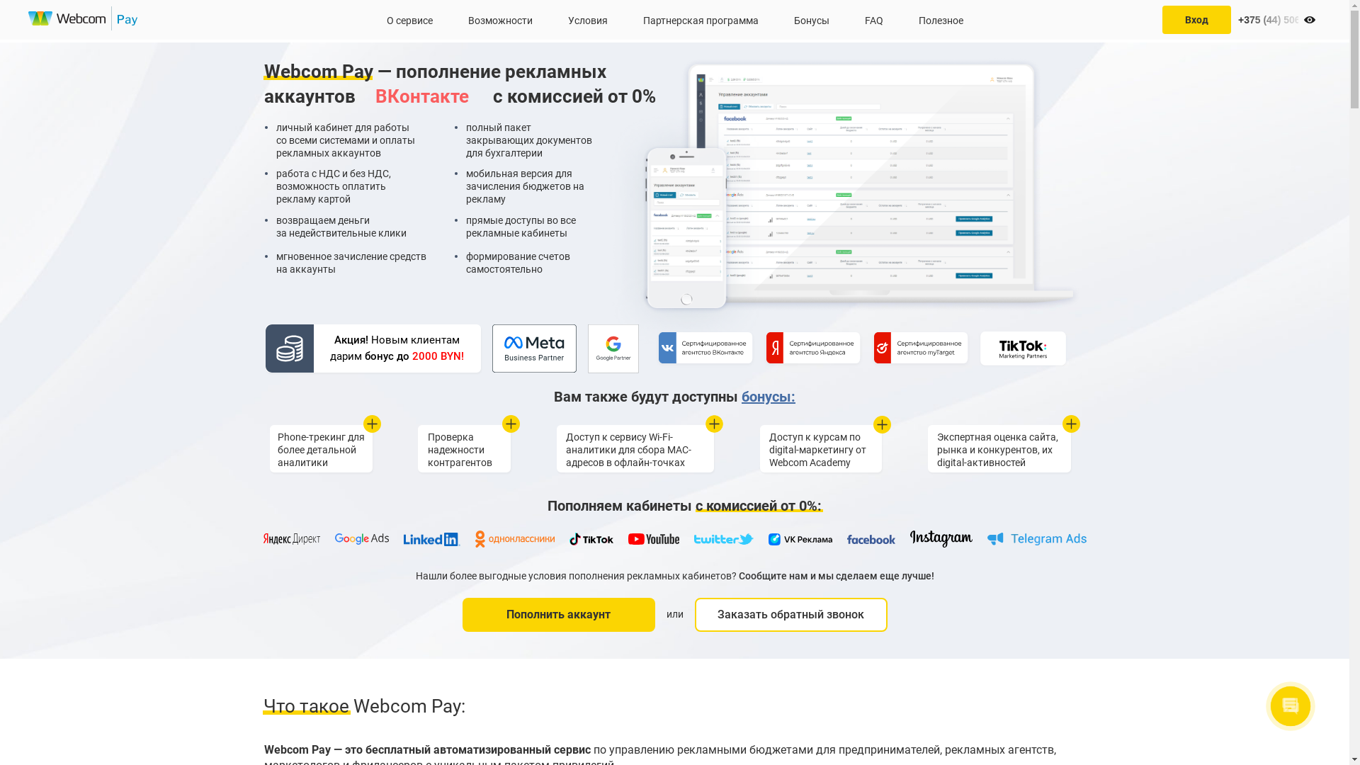 Image resolution: width=1360 pixels, height=765 pixels. What do you see at coordinates (873, 19) in the screenshot?
I see `'FAQ'` at bounding box center [873, 19].